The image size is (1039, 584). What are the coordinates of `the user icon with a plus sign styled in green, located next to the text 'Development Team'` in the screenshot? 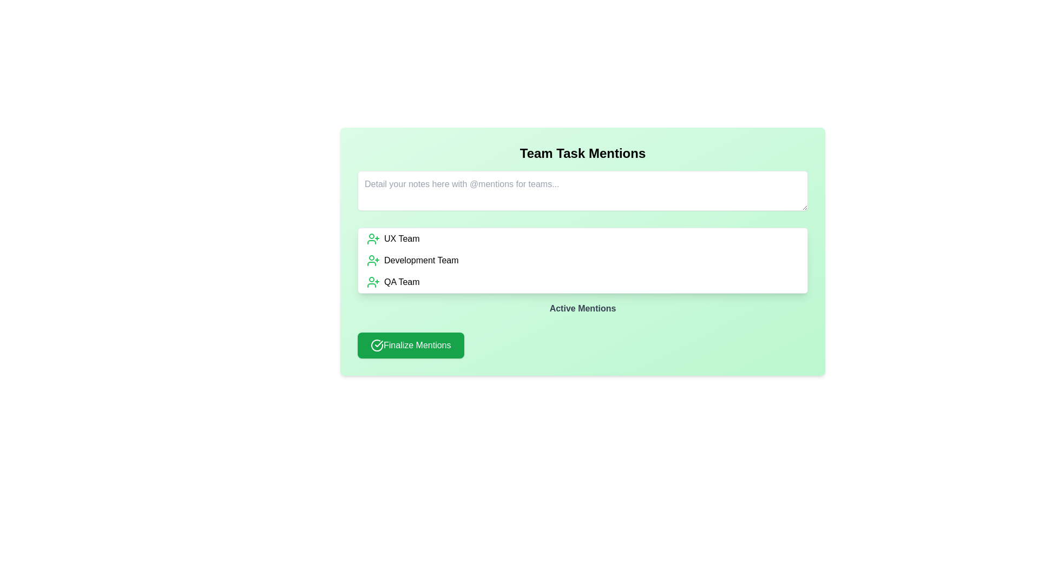 It's located at (373, 261).